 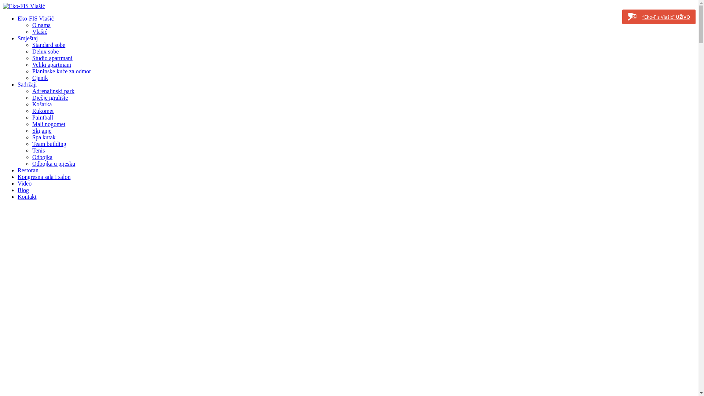 What do you see at coordinates (41, 25) in the screenshot?
I see `'O nama'` at bounding box center [41, 25].